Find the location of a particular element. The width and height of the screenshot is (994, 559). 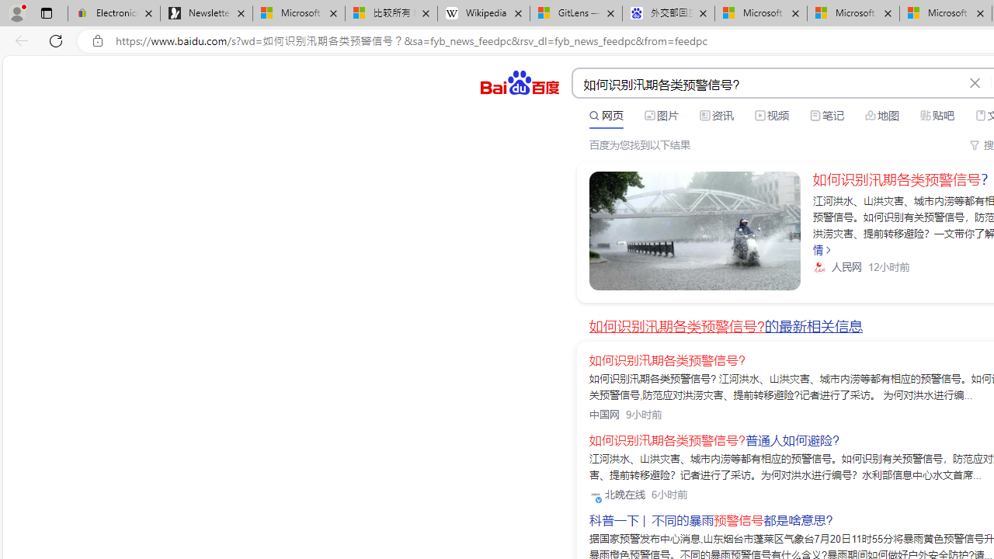

'Wikipedia' is located at coordinates (483, 13).